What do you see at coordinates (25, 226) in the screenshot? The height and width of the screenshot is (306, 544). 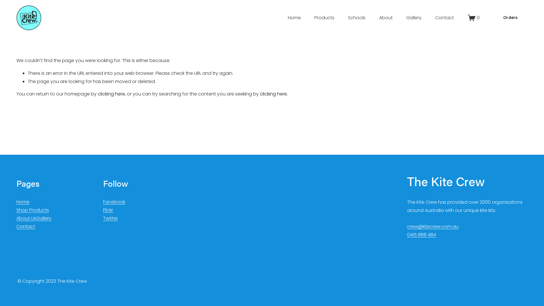 I see `'Contact'` at bounding box center [25, 226].